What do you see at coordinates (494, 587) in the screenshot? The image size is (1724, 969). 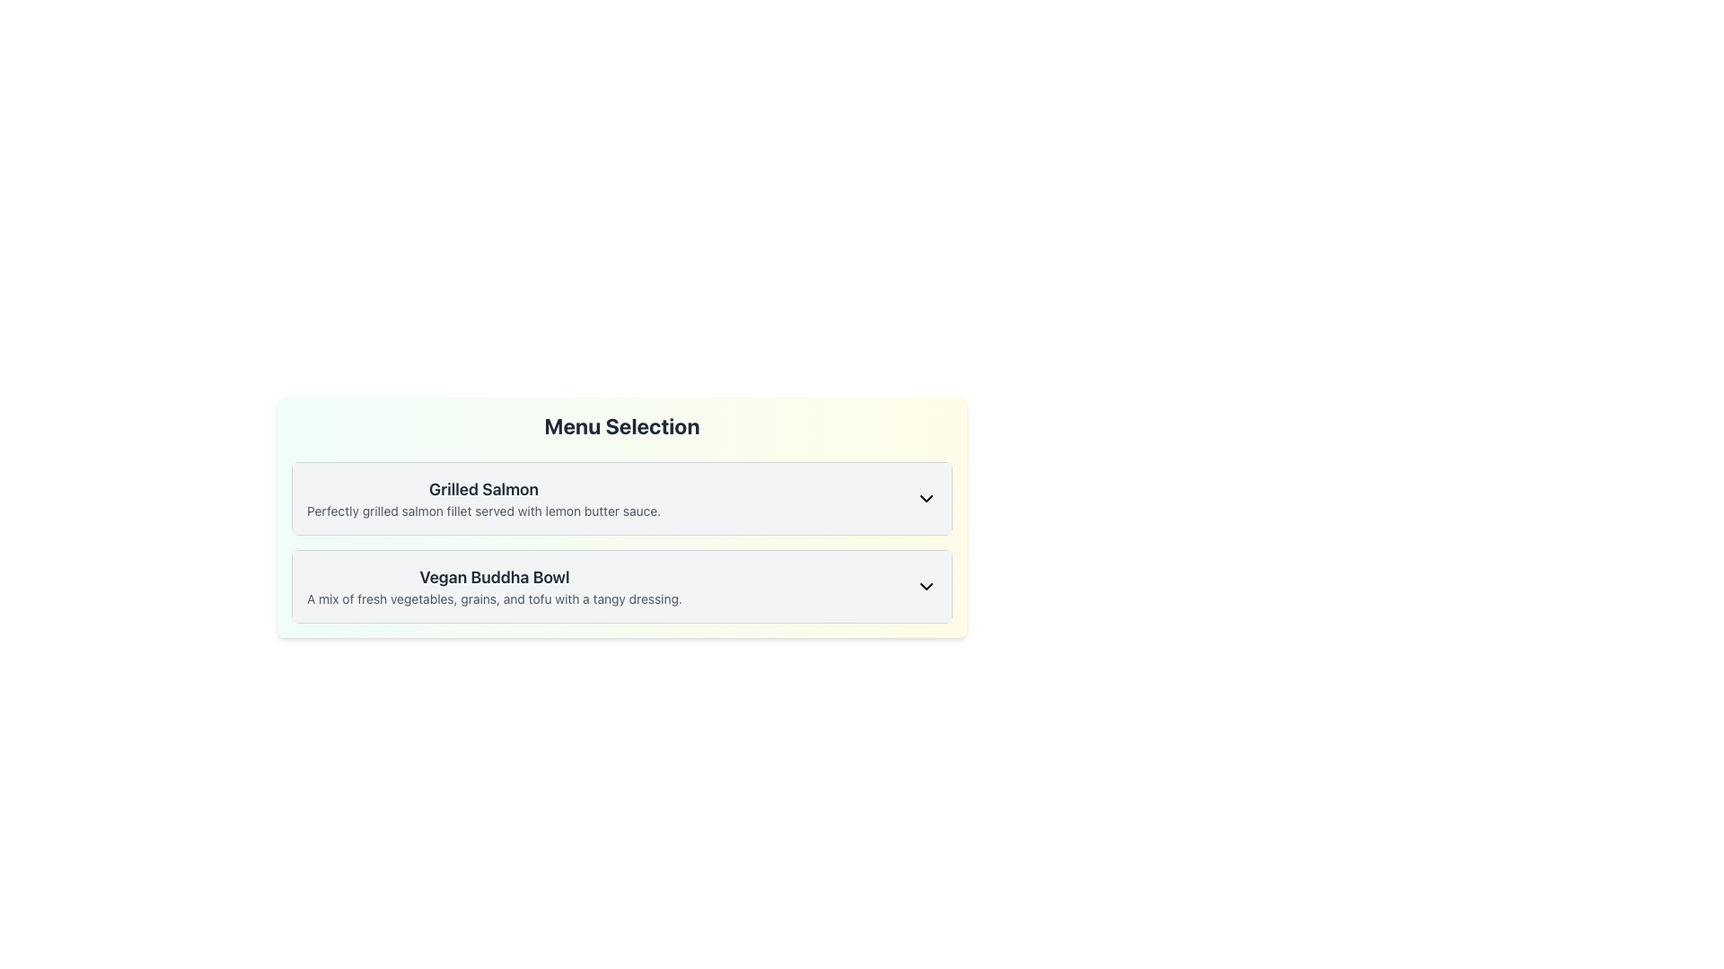 I see `the second item in the list labeled 'Vegan Buddha Bowl', which is a text display card located below 'Grilled Salmon' and above a blank area` at bounding box center [494, 587].